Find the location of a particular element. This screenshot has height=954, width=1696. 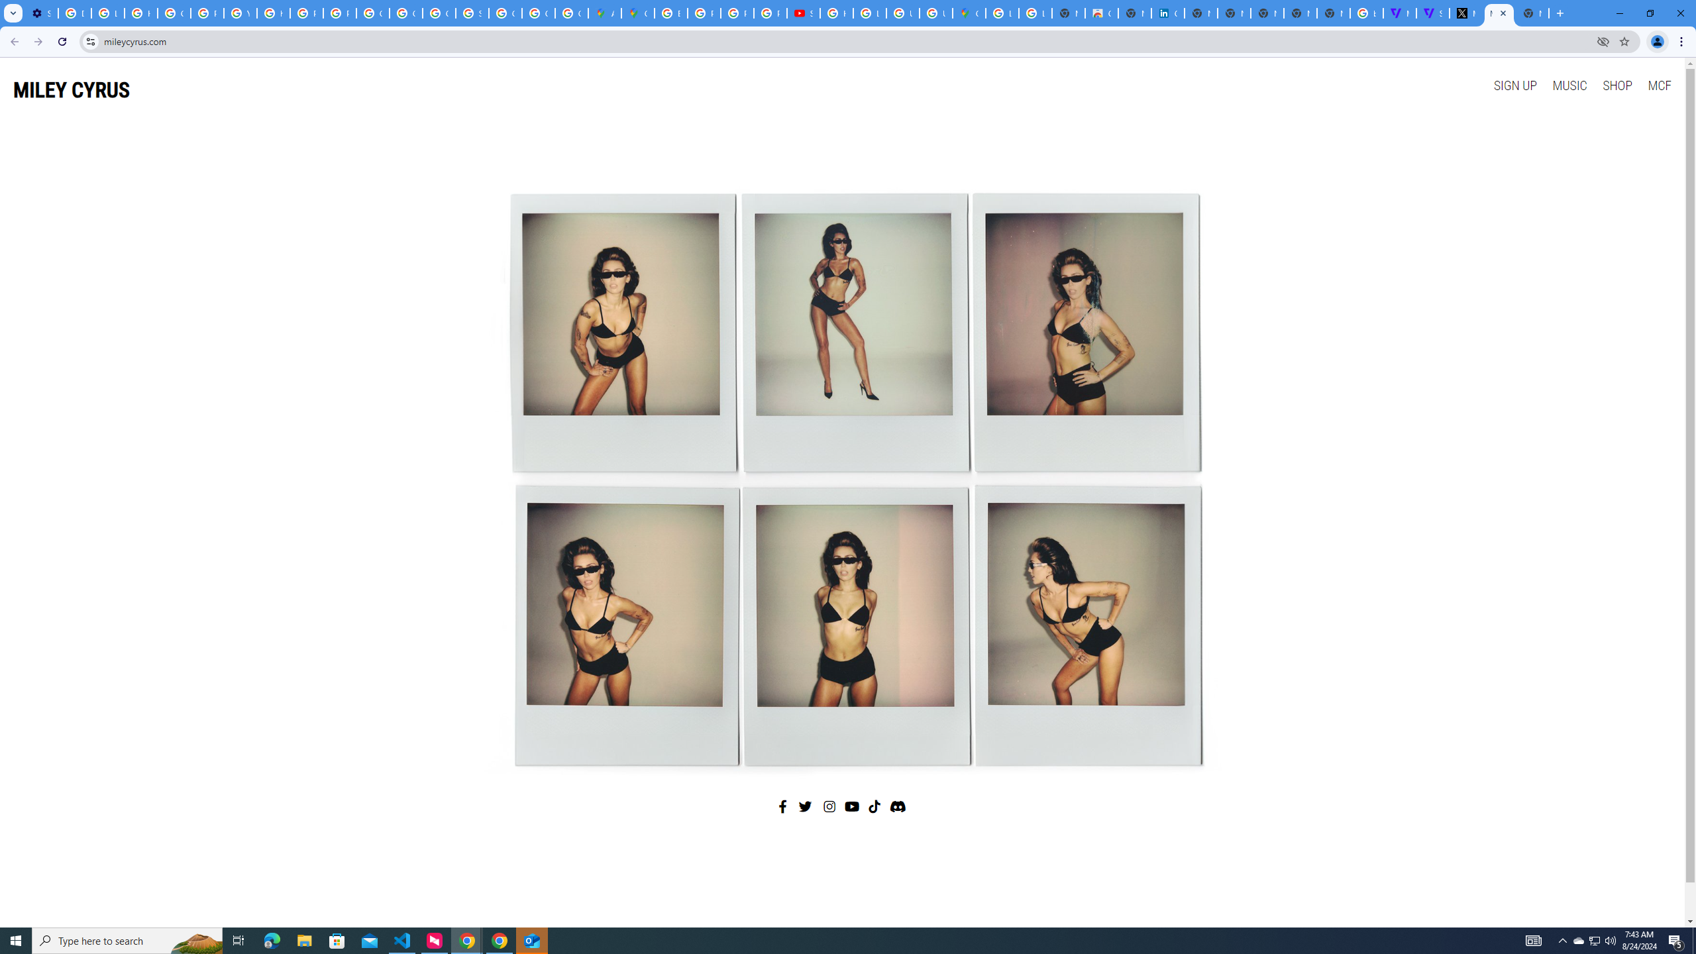

'Instagram' is located at coordinates (829, 806).